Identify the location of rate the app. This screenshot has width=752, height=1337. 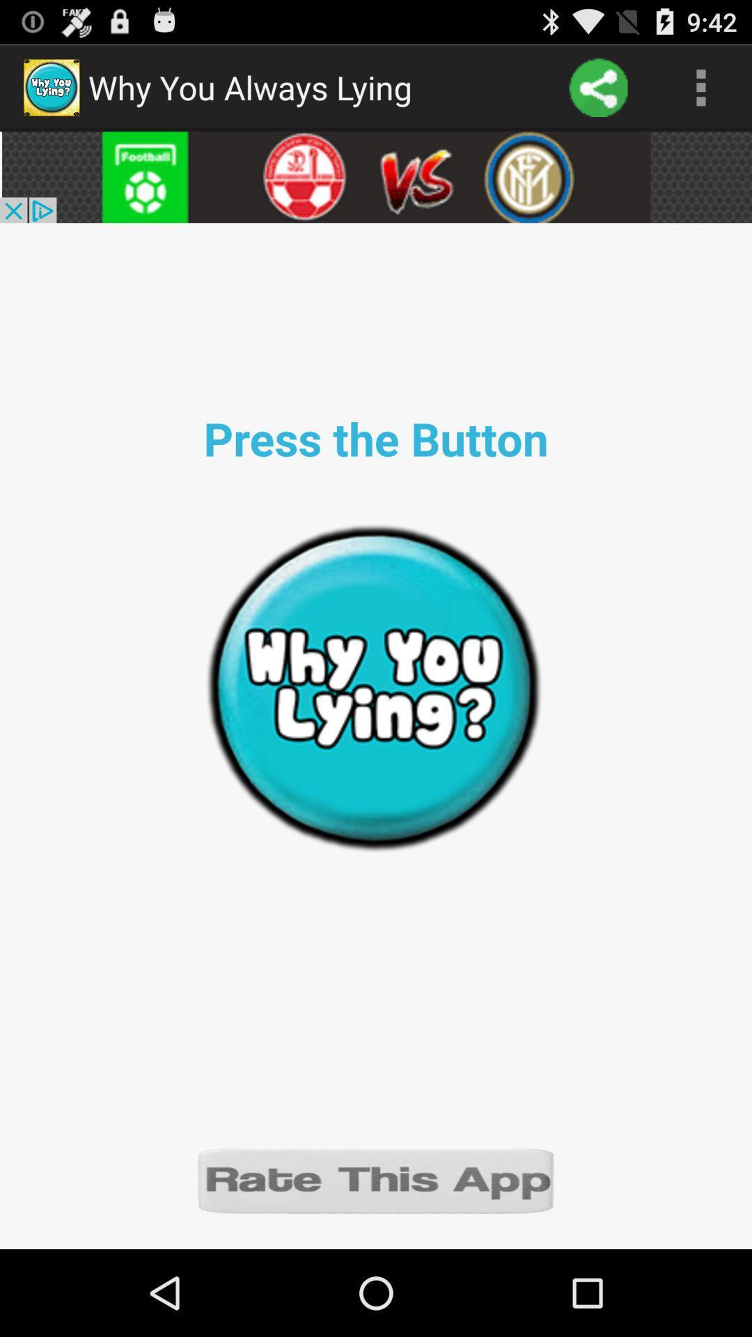
(376, 1179).